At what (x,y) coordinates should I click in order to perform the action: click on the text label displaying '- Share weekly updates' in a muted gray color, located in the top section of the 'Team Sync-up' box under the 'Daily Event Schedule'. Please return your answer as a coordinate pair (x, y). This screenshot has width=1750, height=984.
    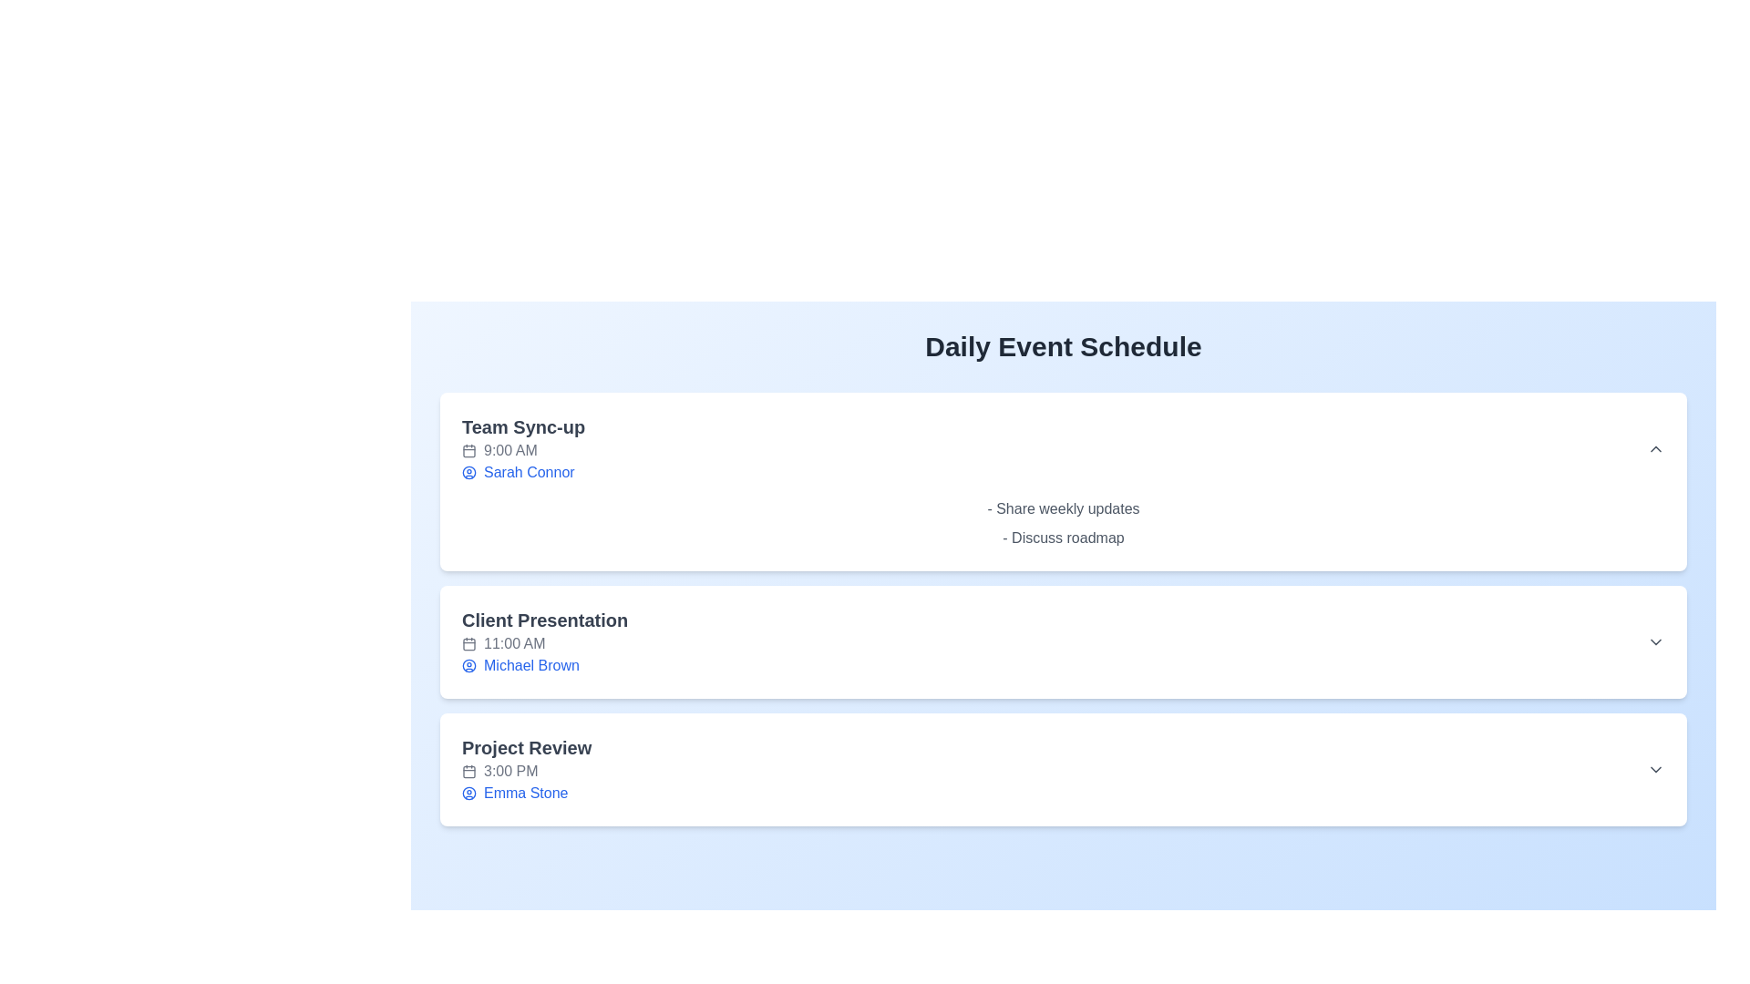
    Looking at the image, I should click on (1063, 509).